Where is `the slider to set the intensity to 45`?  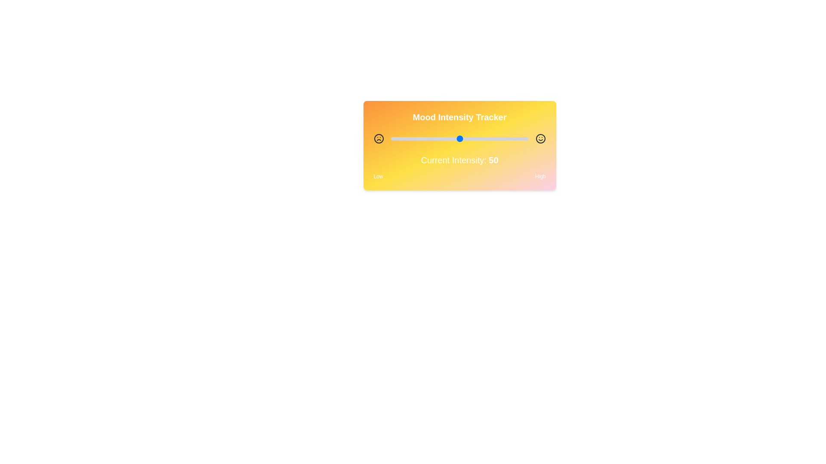 the slider to set the intensity to 45 is located at coordinates (452, 138).